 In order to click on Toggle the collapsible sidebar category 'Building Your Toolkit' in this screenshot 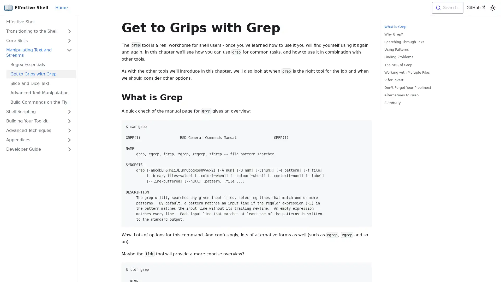, I will do `click(69, 121)`.